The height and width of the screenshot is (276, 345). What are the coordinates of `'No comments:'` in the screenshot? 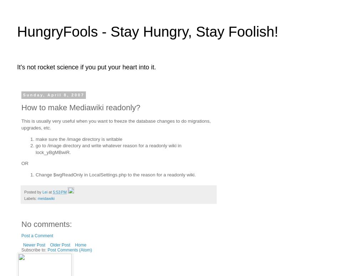 It's located at (46, 224).